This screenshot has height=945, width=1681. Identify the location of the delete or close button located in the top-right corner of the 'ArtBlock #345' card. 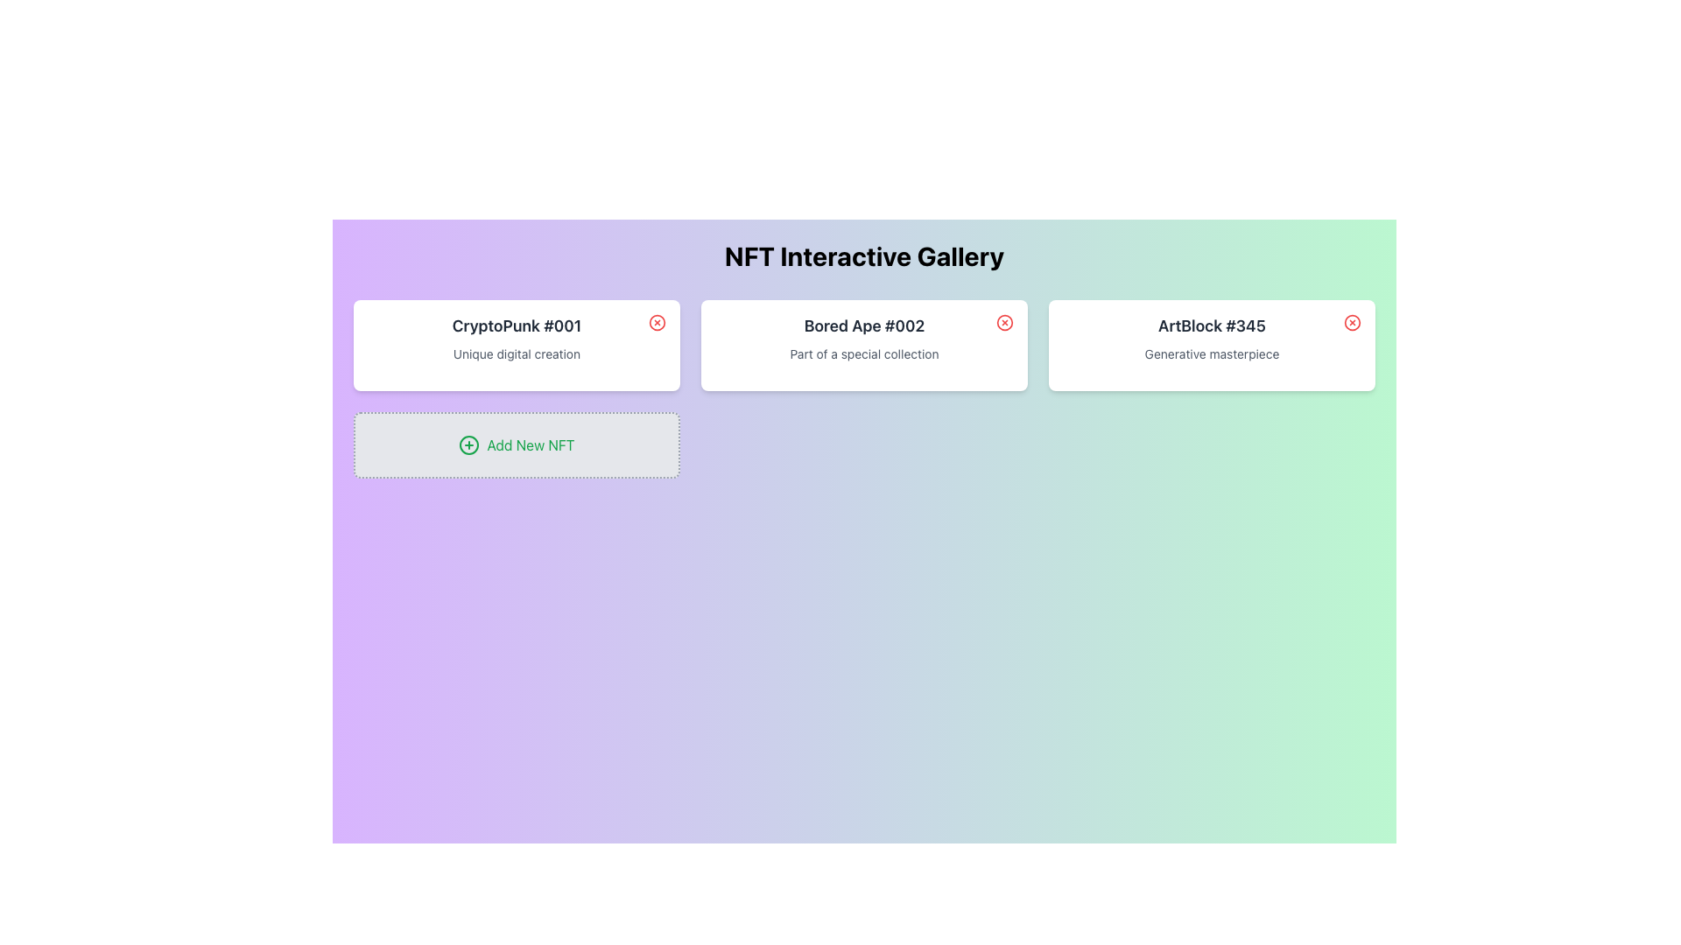
(1352, 323).